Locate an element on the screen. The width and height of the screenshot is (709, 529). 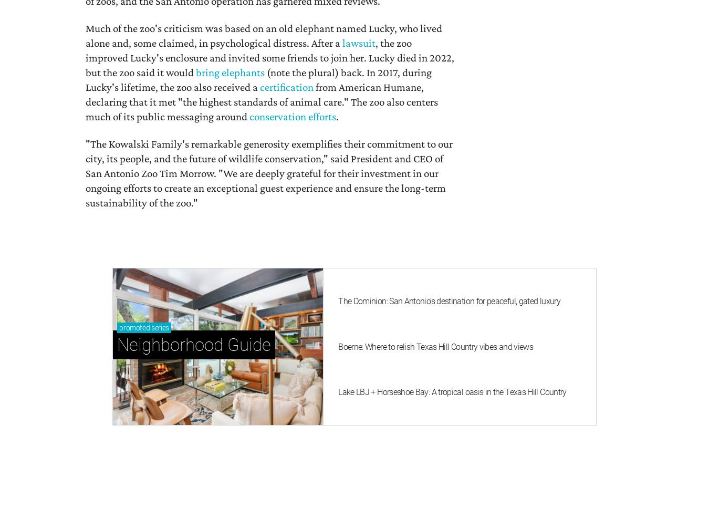
'bring elephants' is located at coordinates (230, 71).